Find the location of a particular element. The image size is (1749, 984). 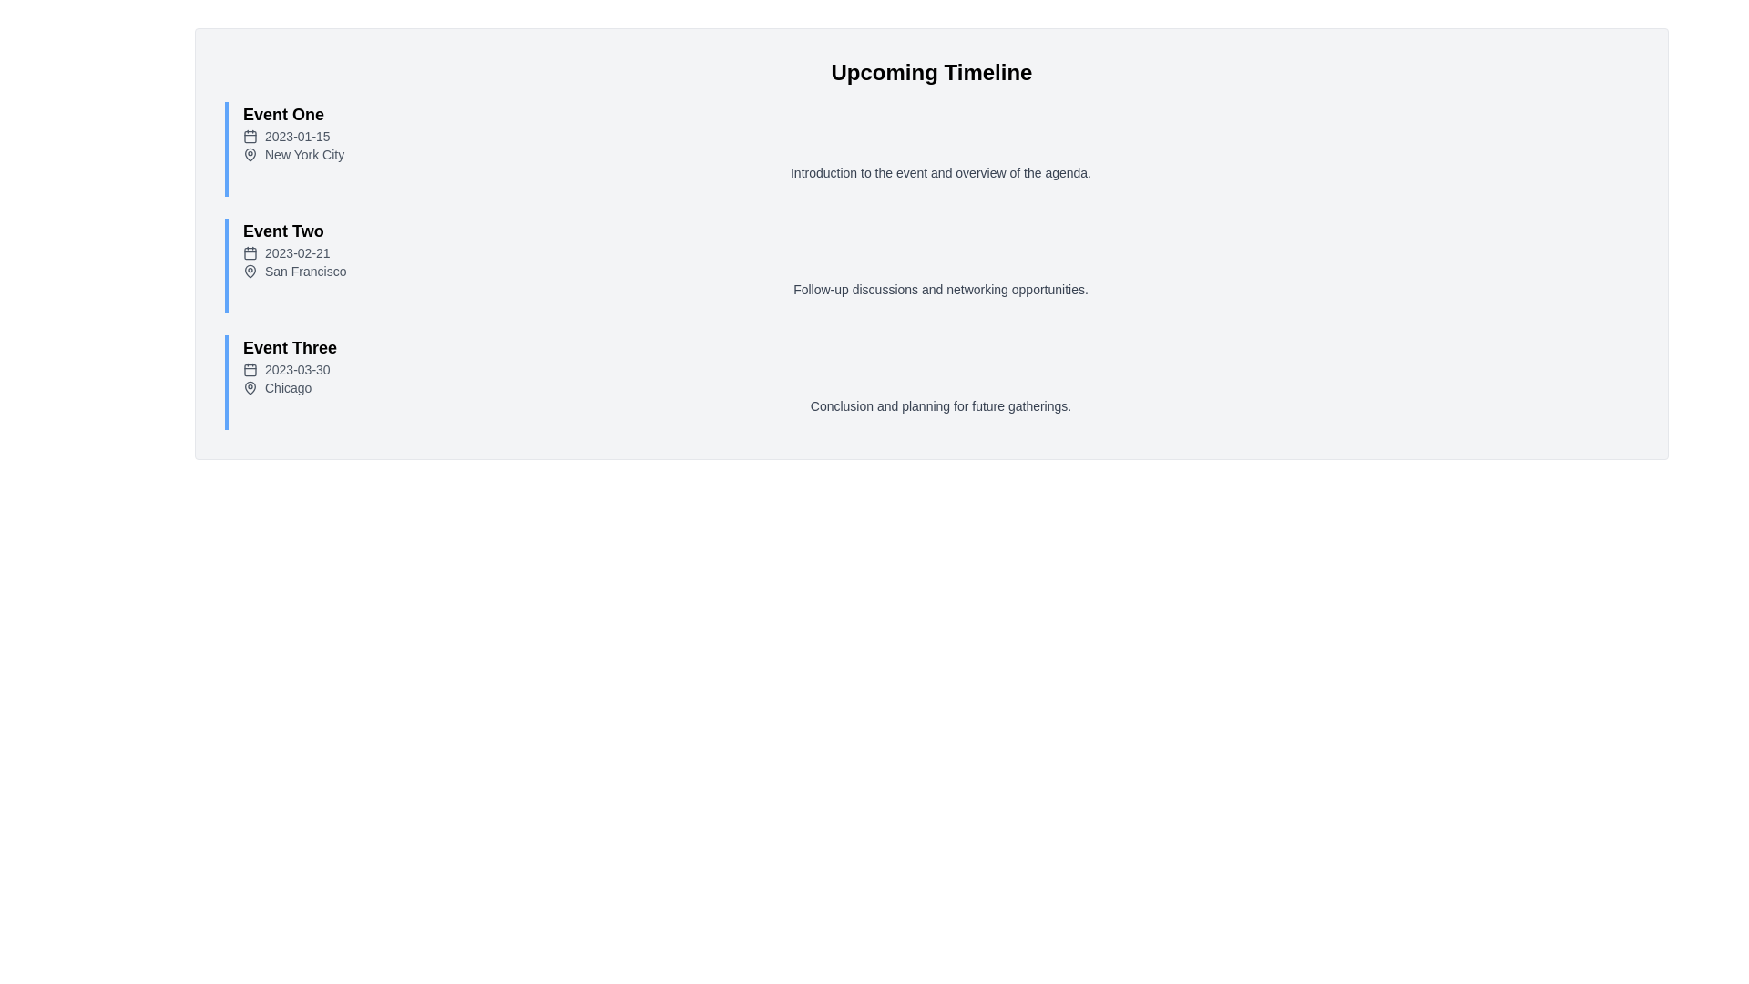

the central area of the rectangle with rounded corners within the calendar icon graphic next to the text '2023-03-30' under the 'Event Three' section in the 'Upcoming Timeline' list is located at coordinates (249, 369).